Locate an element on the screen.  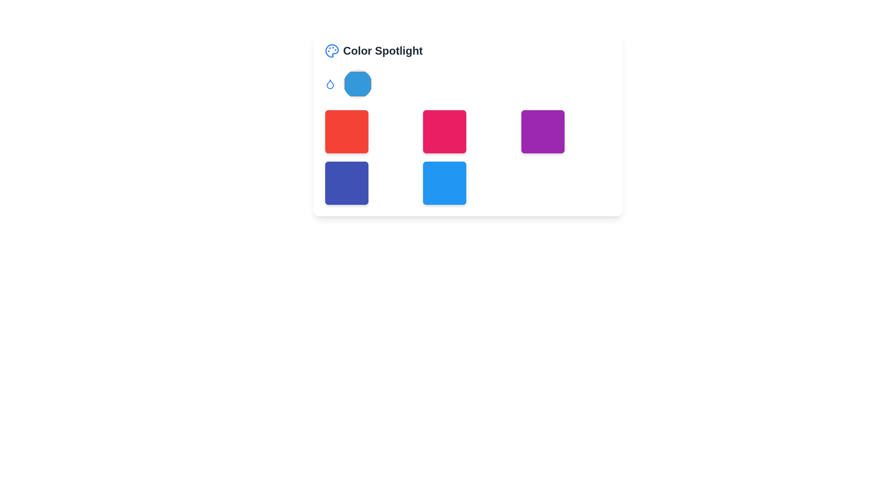
the blue circular button that is likely a color selector with the color code #3498db is located at coordinates (357, 84).